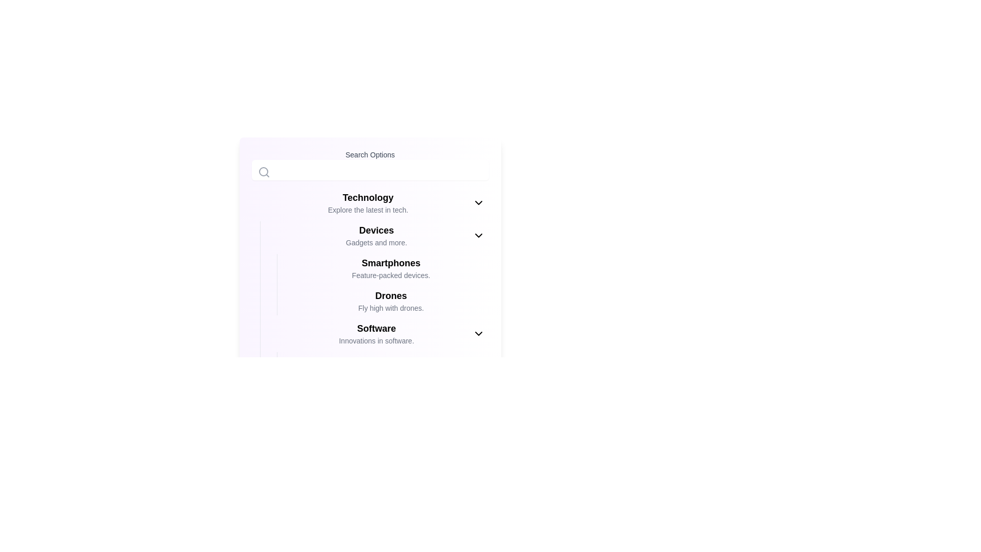 Image resolution: width=981 pixels, height=552 pixels. Describe the element at coordinates (390, 307) in the screenshot. I see `the text label that says 'Fly high with drones.' which is positioned directly beneath the 'Drones.' title` at that location.